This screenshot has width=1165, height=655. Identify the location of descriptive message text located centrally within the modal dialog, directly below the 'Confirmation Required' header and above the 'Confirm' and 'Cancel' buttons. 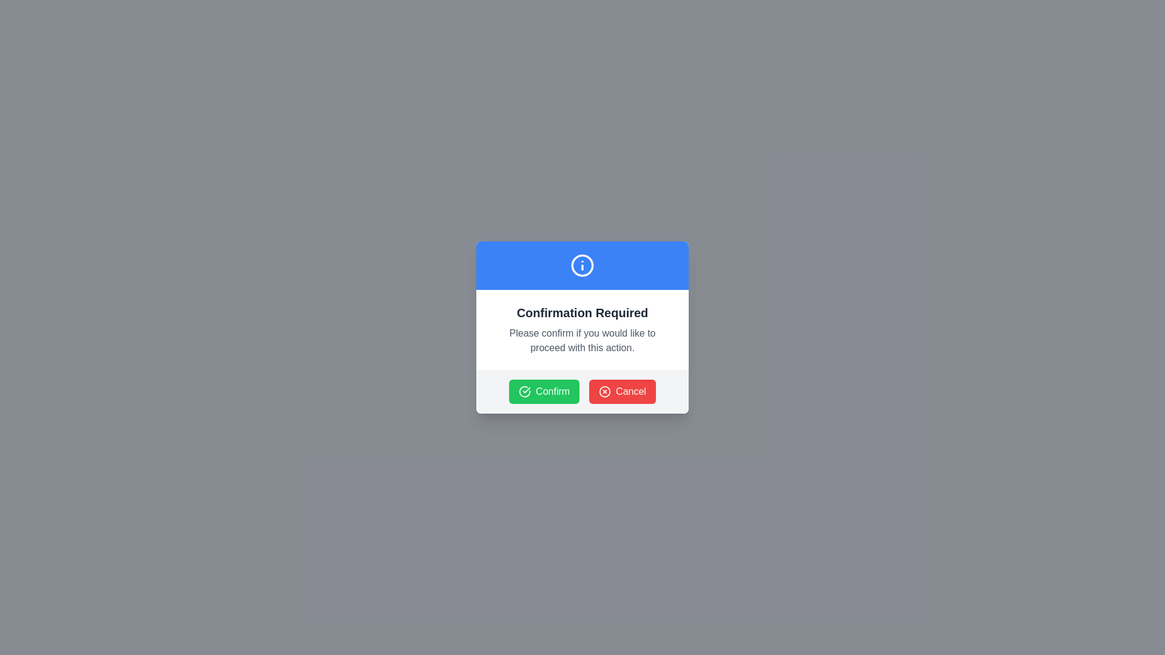
(582, 341).